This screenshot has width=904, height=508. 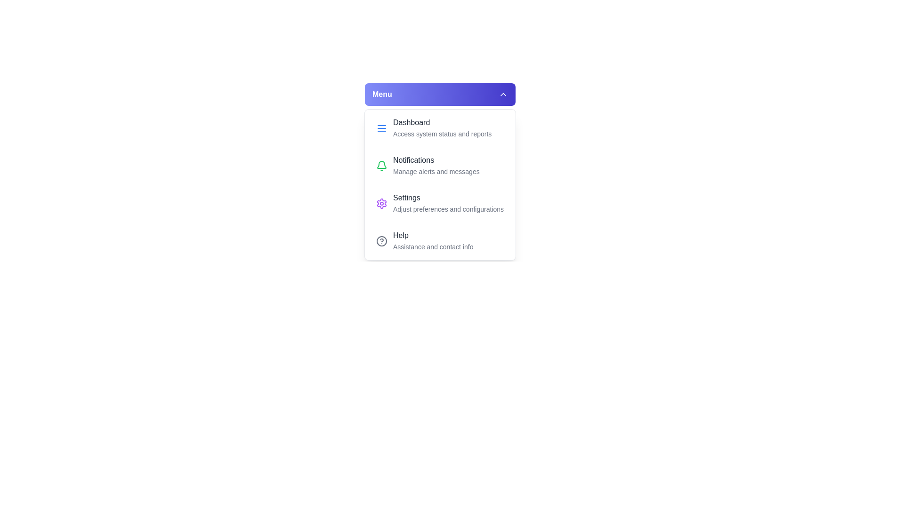 What do you see at coordinates (382, 203) in the screenshot?
I see `the gear-shaped settings icon, which is purple in color and located in the settings menu, positioned to the left of the label 'Settings'` at bounding box center [382, 203].